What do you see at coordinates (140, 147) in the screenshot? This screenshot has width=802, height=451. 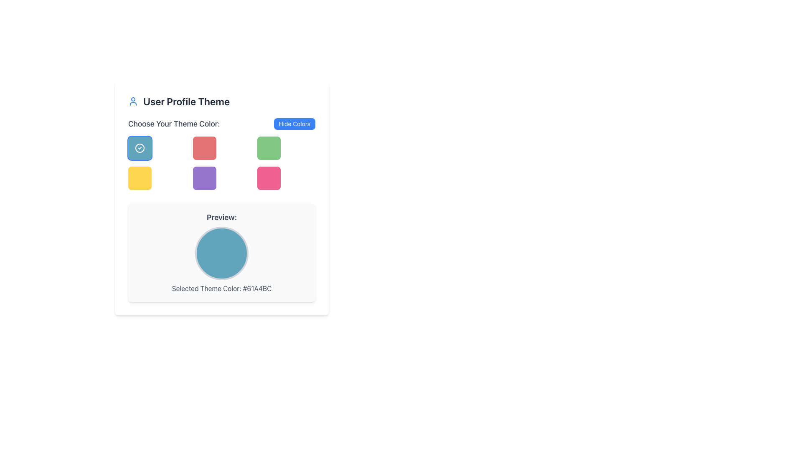 I see `the circle icon with a checkmark in the center, which is located on the left side of the theme color selection area, inside a blue button` at bounding box center [140, 147].